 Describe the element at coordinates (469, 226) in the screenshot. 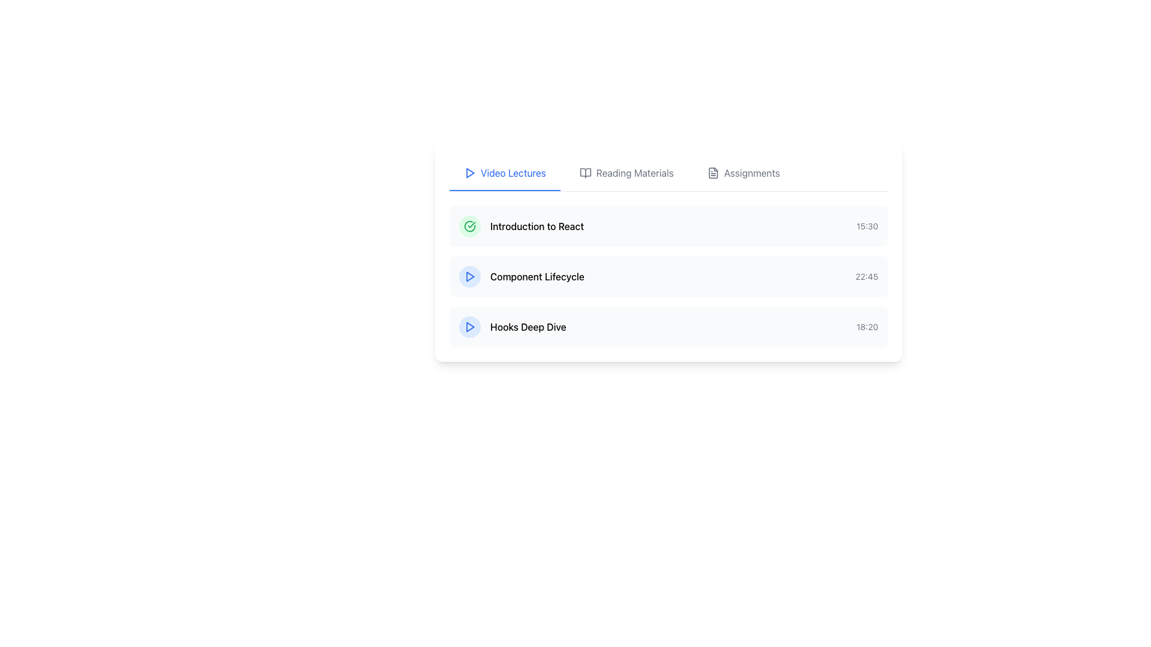

I see `the visual status indicator icon located to the left of the text 'Introduction to React' to indicate its completion status` at that location.